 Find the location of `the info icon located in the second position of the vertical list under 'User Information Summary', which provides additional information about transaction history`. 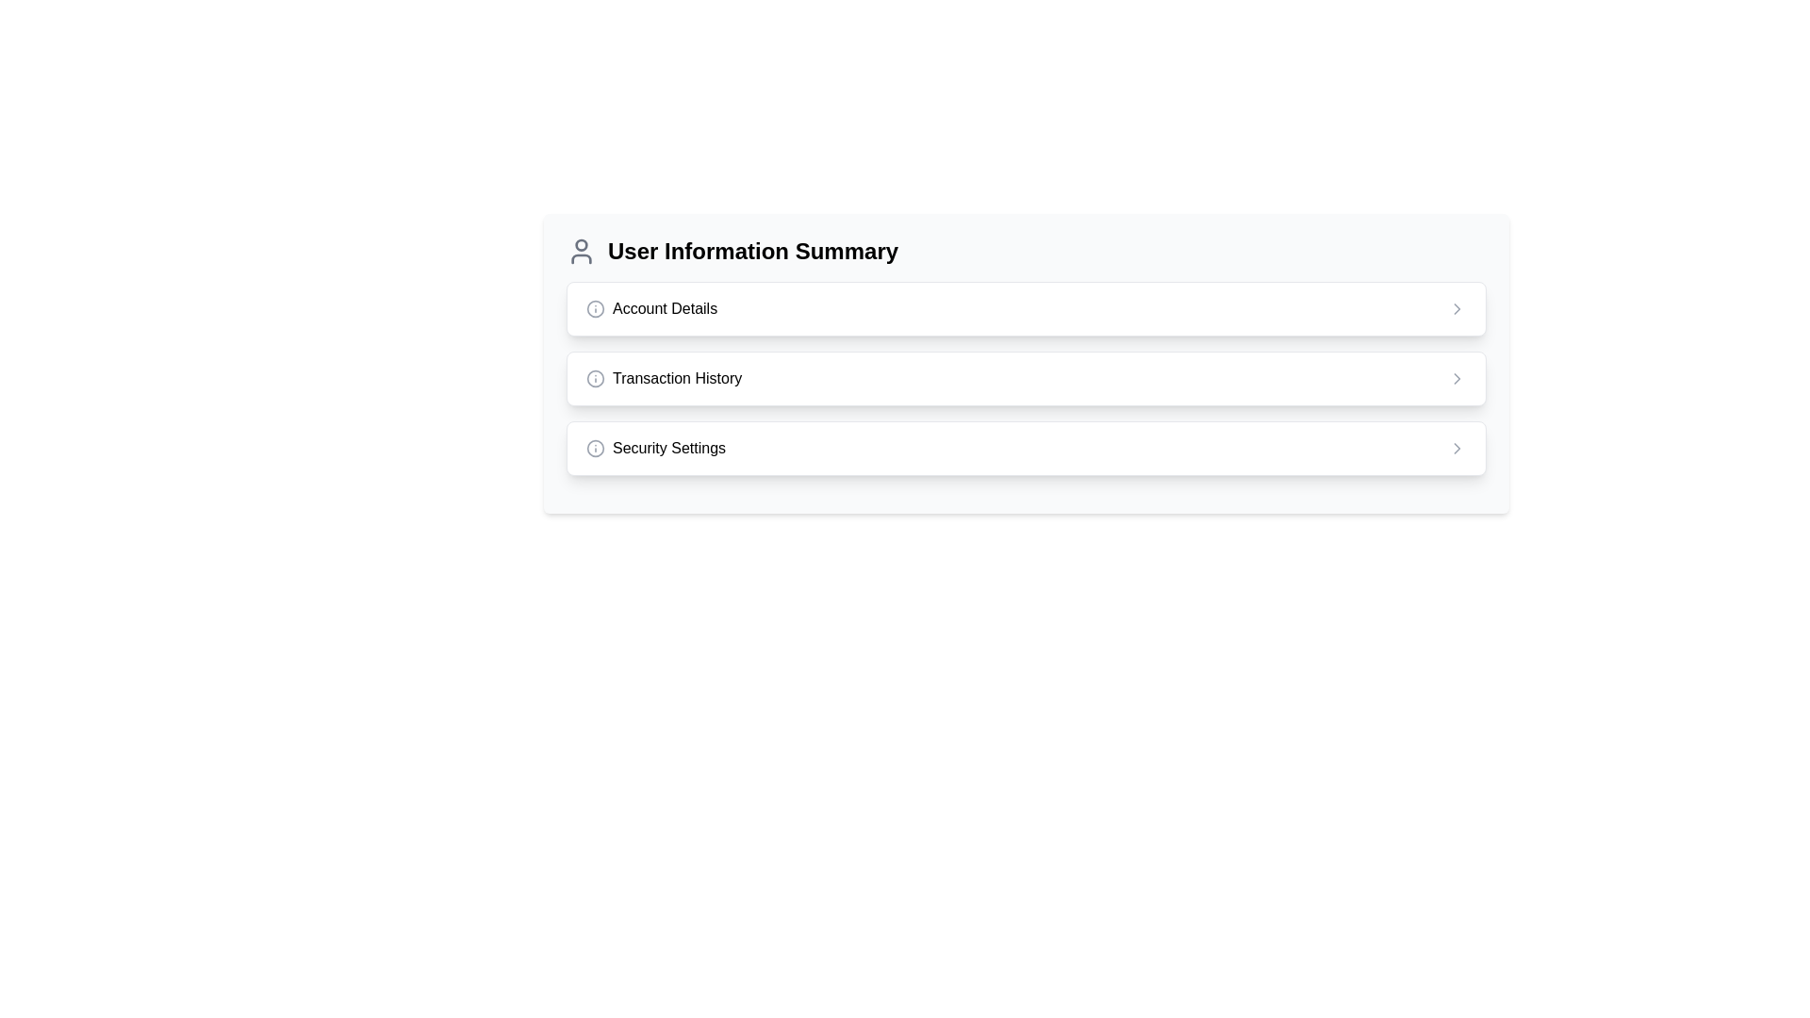

the info icon located in the second position of the vertical list under 'User Information Summary', which provides additional information about transaction history is located at coordinates (664, 378).